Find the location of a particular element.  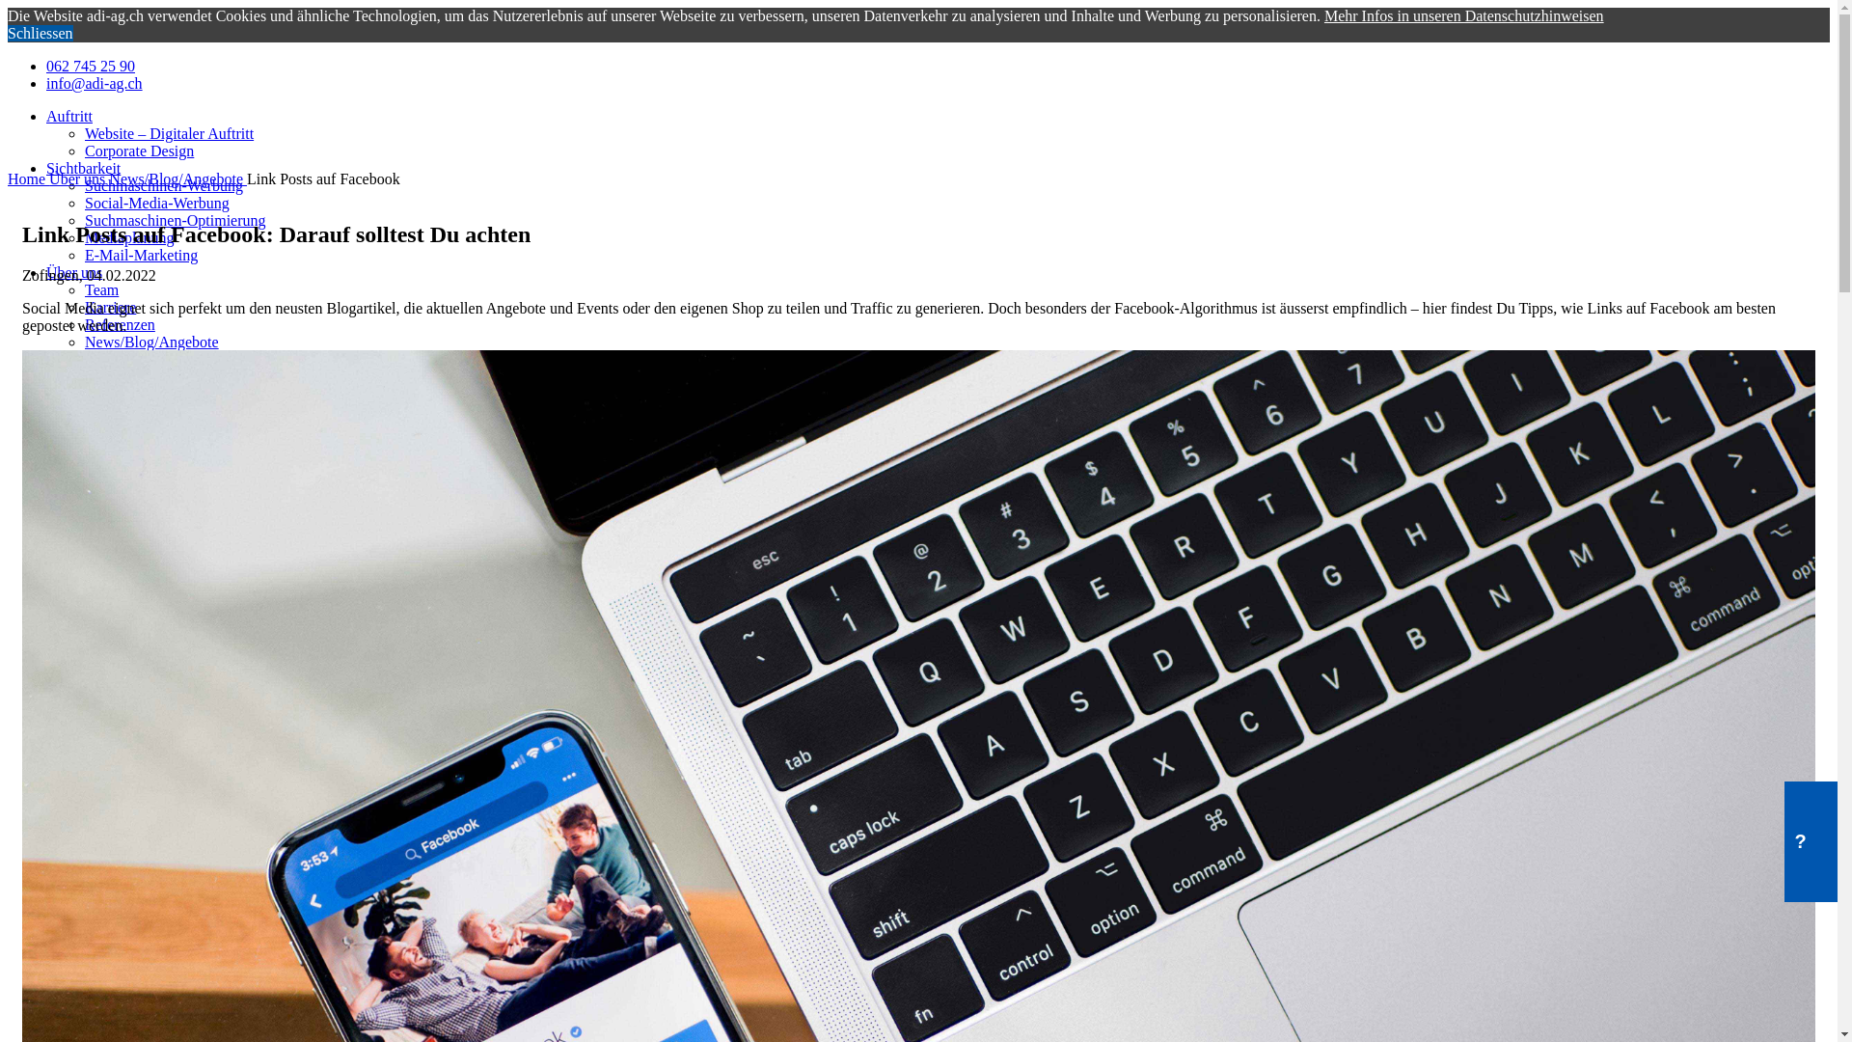

'Schliessen' is located at coordinates (41, 33).